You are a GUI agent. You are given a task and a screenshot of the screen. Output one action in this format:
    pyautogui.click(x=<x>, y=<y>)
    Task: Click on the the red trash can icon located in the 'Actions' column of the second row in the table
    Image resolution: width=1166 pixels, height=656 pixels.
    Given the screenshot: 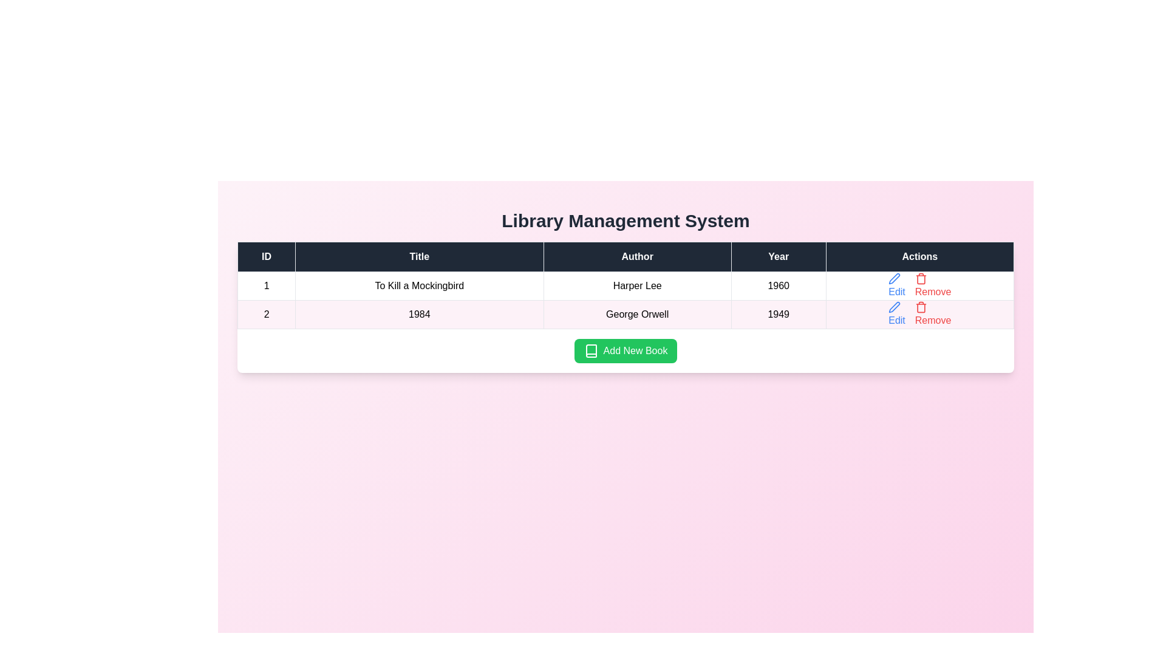 What is the action you would take?
    pyautogui.click(x=921, y=306)
    